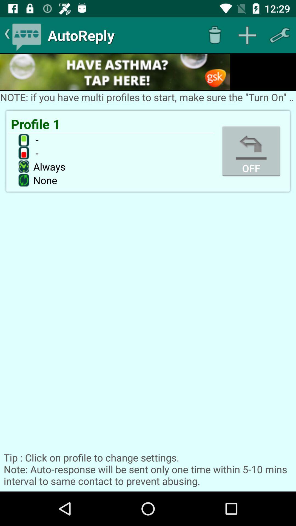 The width and height of the screenshot is (296, 526). I want to click on the chat icon, so click(27, 35).